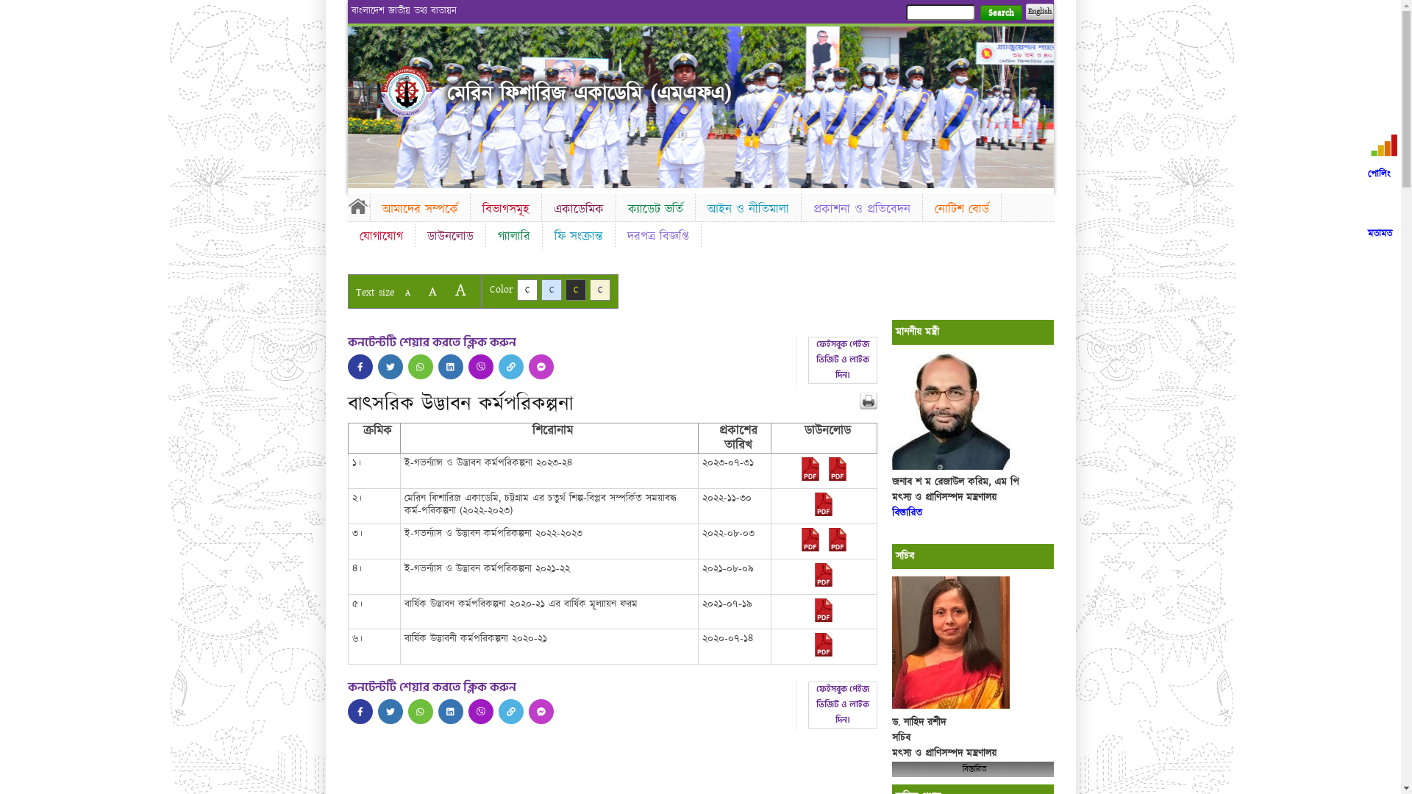 The image size is (1412, 794). What do you see at coordinates (810, 548) in the screenshot?
I see `'2022-08-03-06-26-86170153aa14c738dbb5ffa3e16d1267.pdf'` at bounding box center [810, 548].